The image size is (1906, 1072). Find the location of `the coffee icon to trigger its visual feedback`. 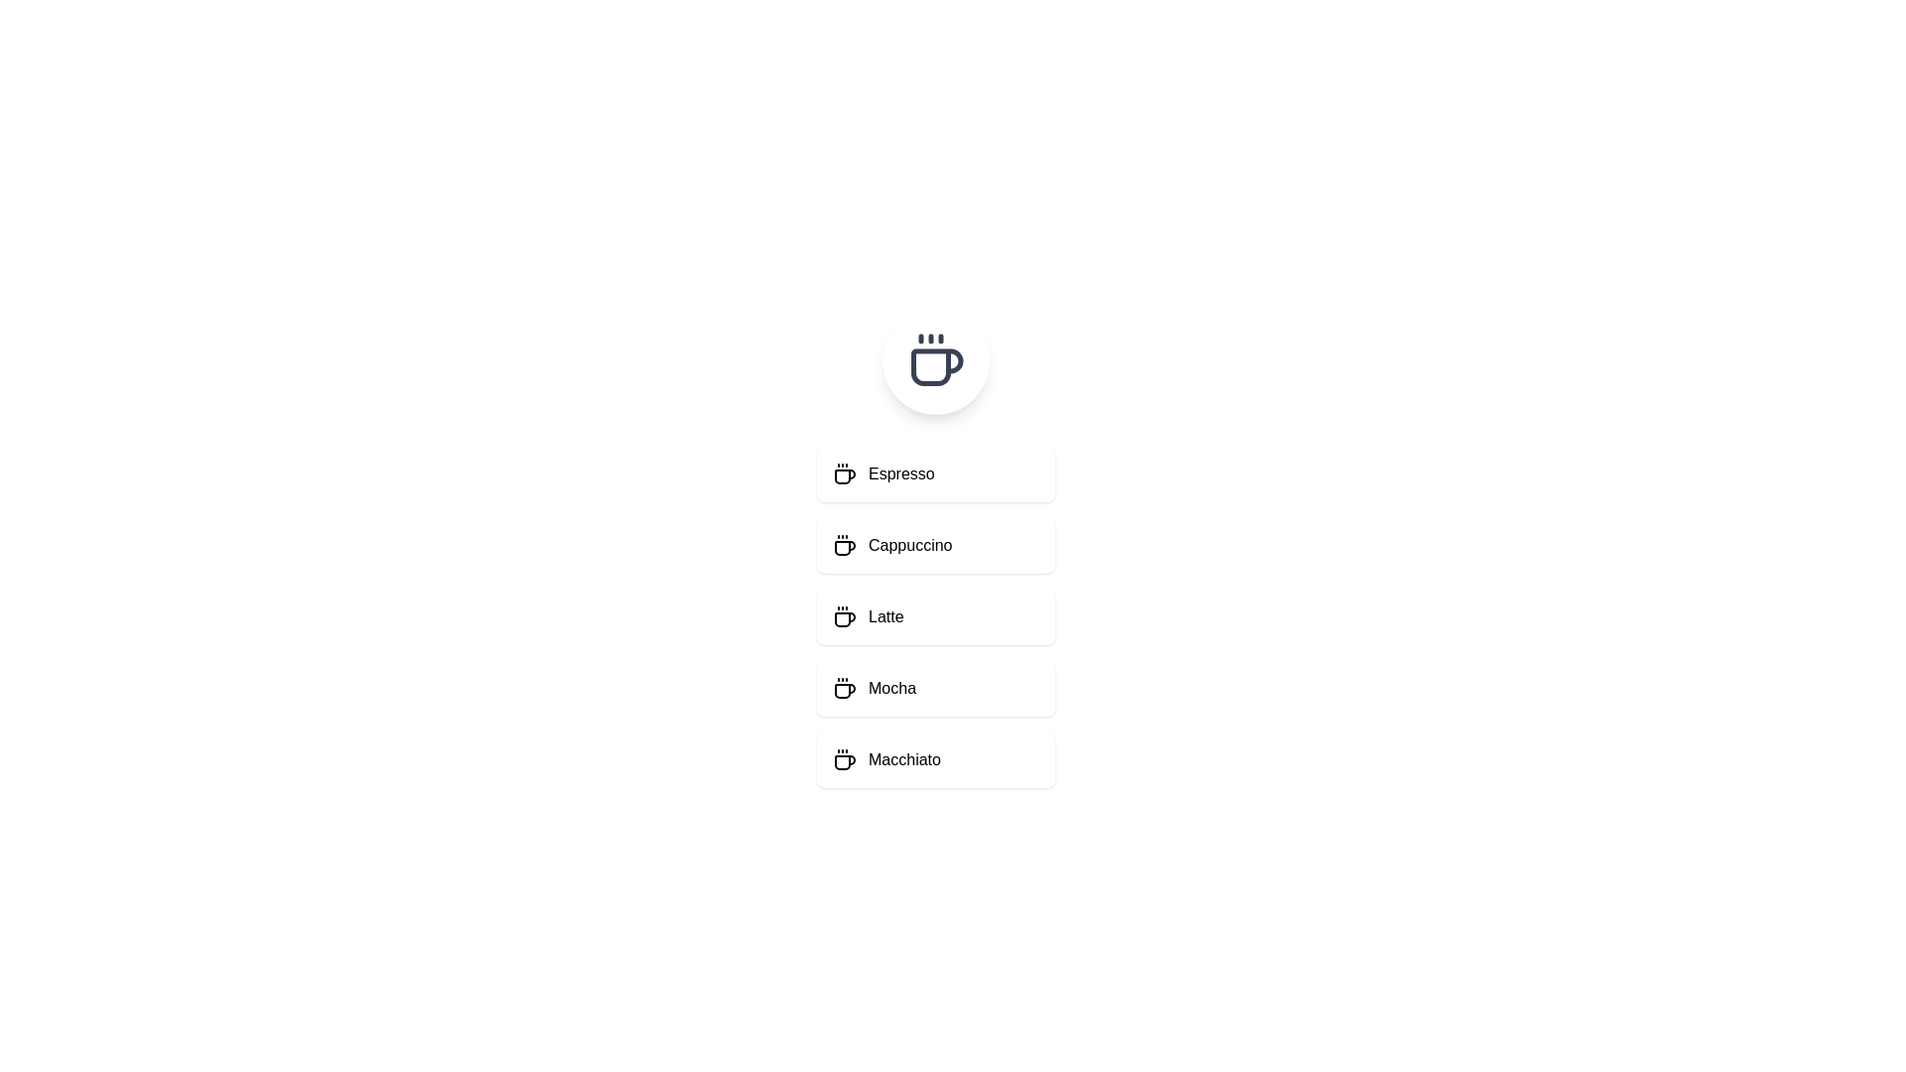

the coffee icon to trigger its visual feedback is located at coordinates (934, 360).